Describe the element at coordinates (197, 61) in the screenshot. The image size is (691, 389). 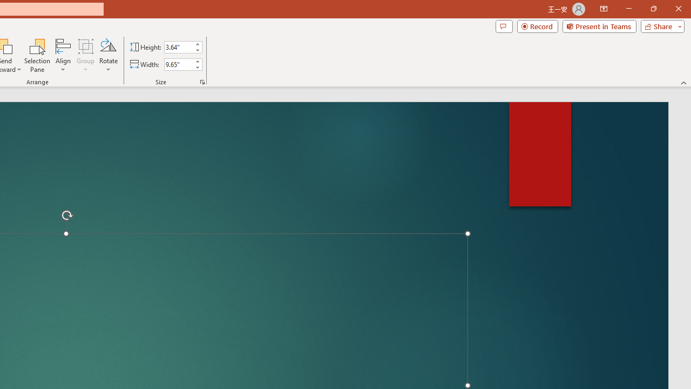
I see `'More'` at that location.